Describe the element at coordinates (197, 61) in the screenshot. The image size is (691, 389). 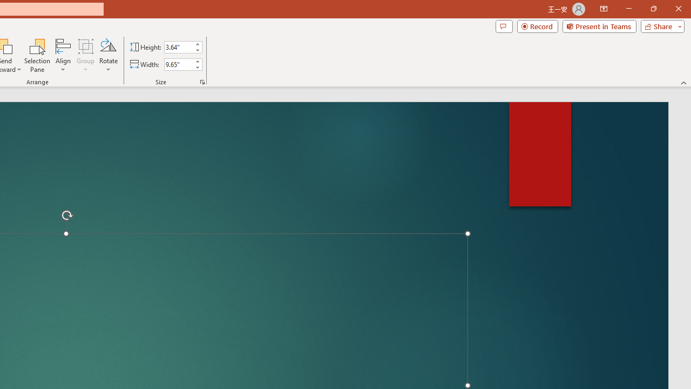
I see `'More'` at that location.